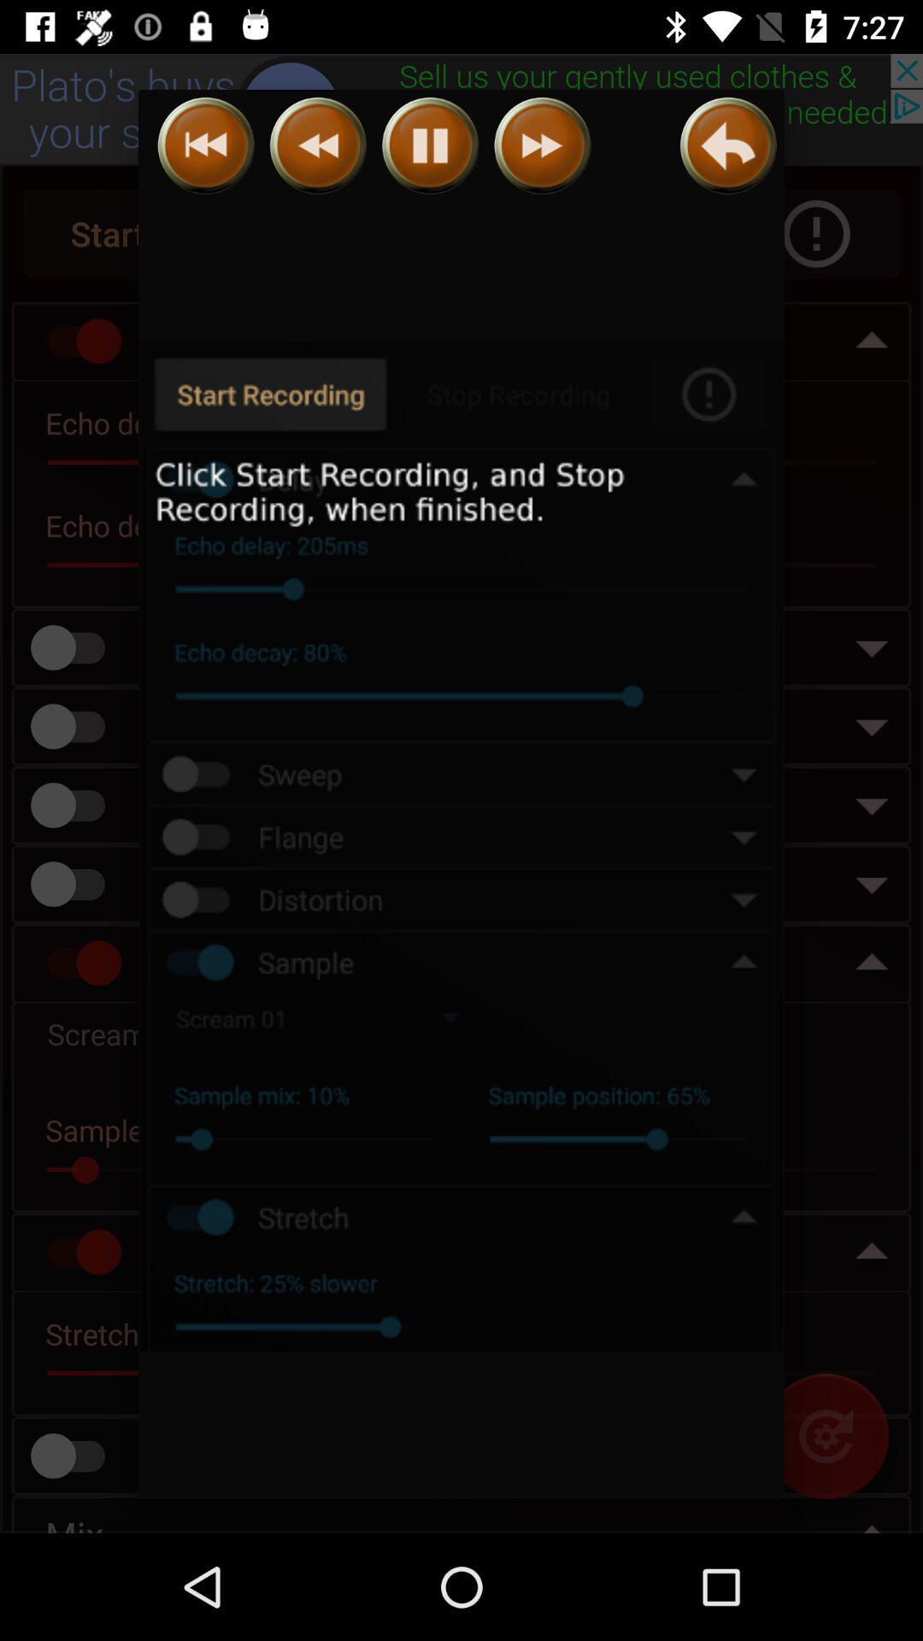 This screenshot has width=923, height=1641. I want to click on go back, so click(728, 145).